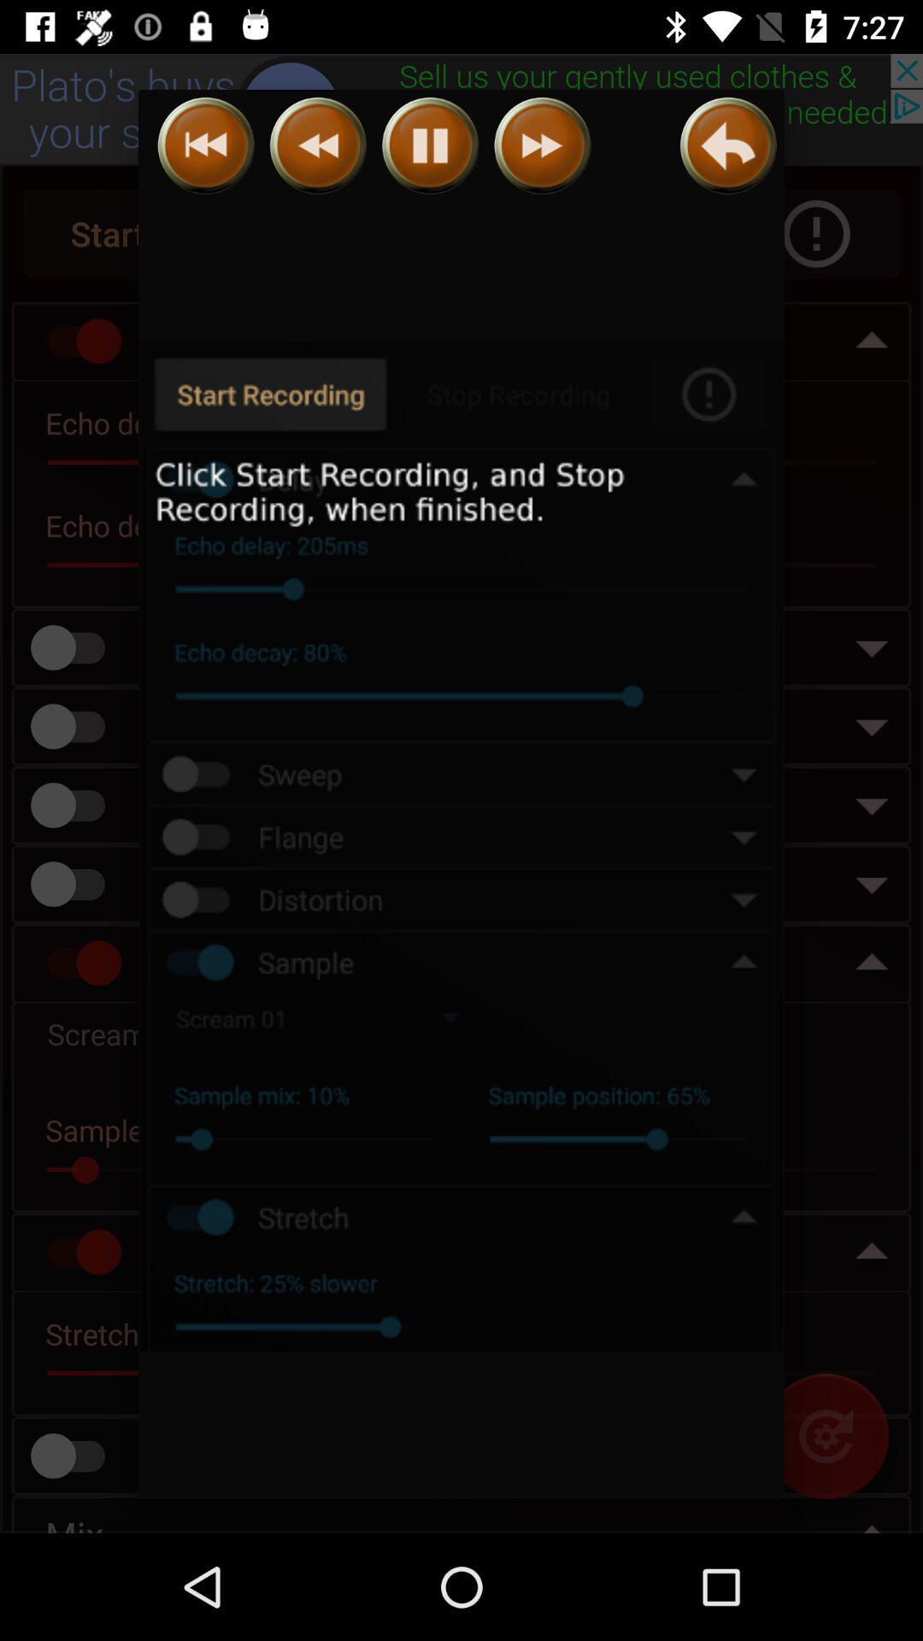 This screenshot has width=923, height=1641. I want to click on go back, so click(728, 145).